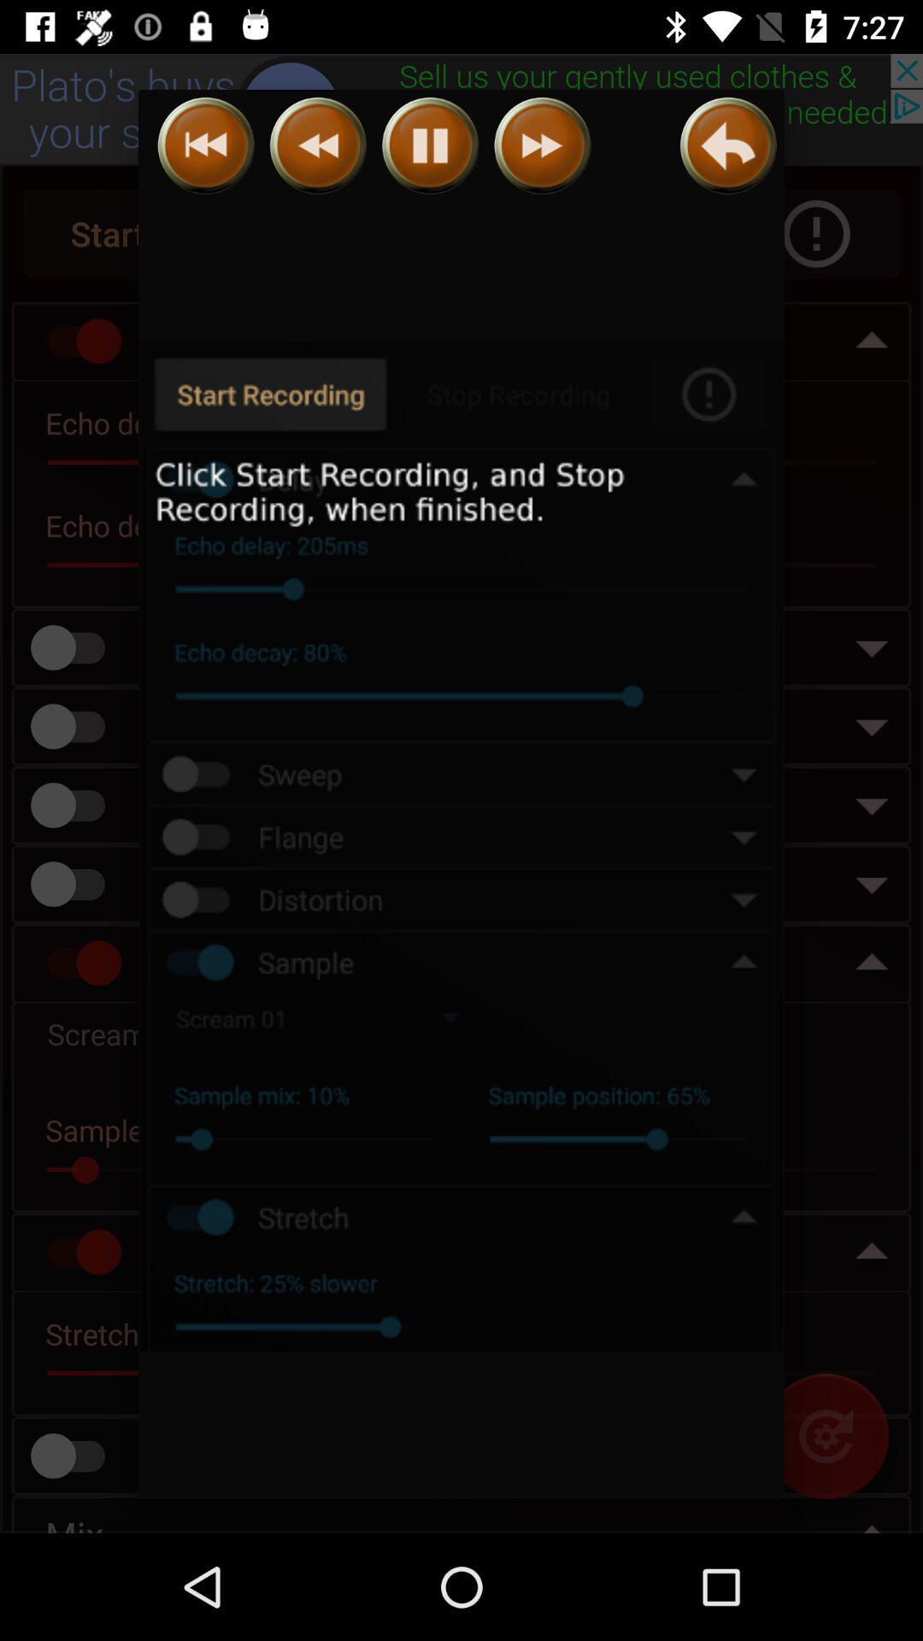 This screenshot has width=923, height=1641. I want to click on go back, so click(728, 145).